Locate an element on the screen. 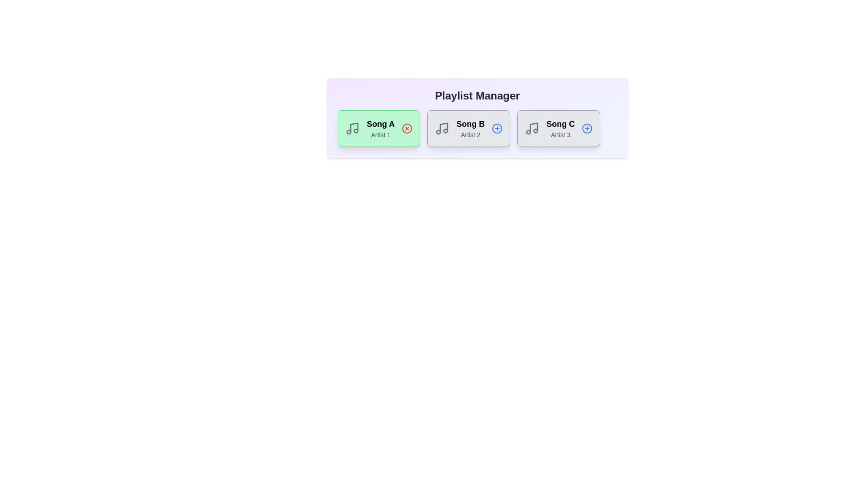  add icon for the song titled Song C to add it to the playlist is located at coordinates (587, 128).